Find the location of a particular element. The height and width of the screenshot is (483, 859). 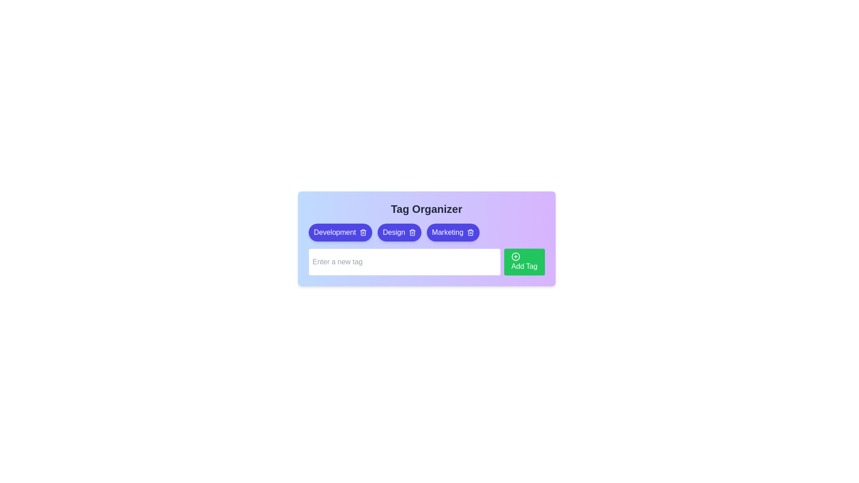

the 'Design' button, which is the second button in a horizontal layout, styled with rounded corners and an indigo background, featuring the text 'Design' in white bold typeface is located at coordinates (399, 232).